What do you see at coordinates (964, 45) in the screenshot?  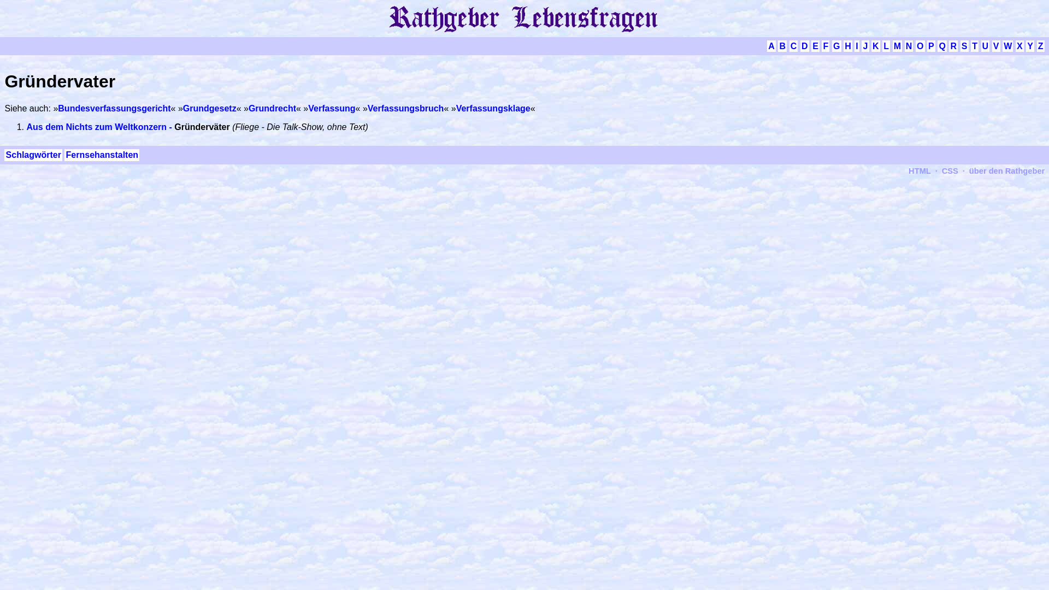 I see `'S'` at bounding box center [964, 45].